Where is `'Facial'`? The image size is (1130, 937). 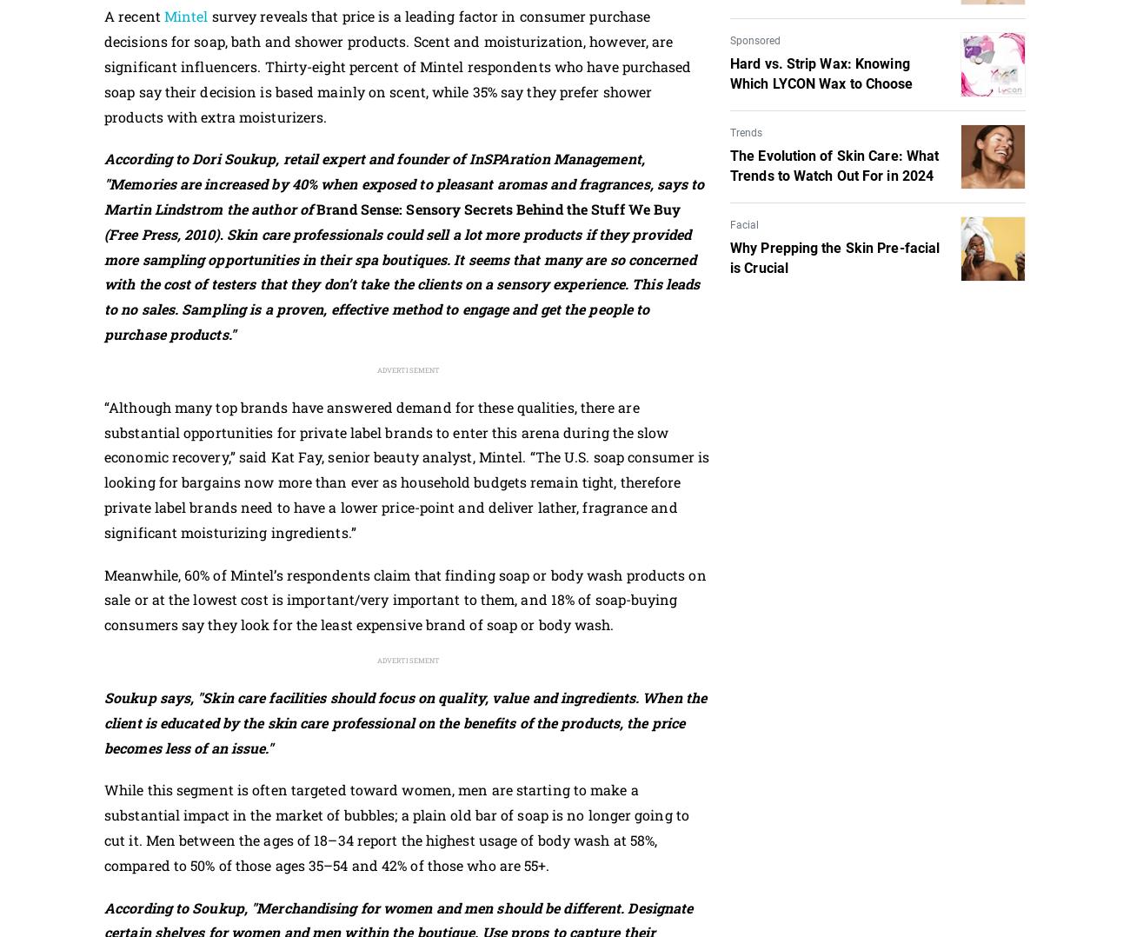
'Facial' is located at coordinates (744, 224).